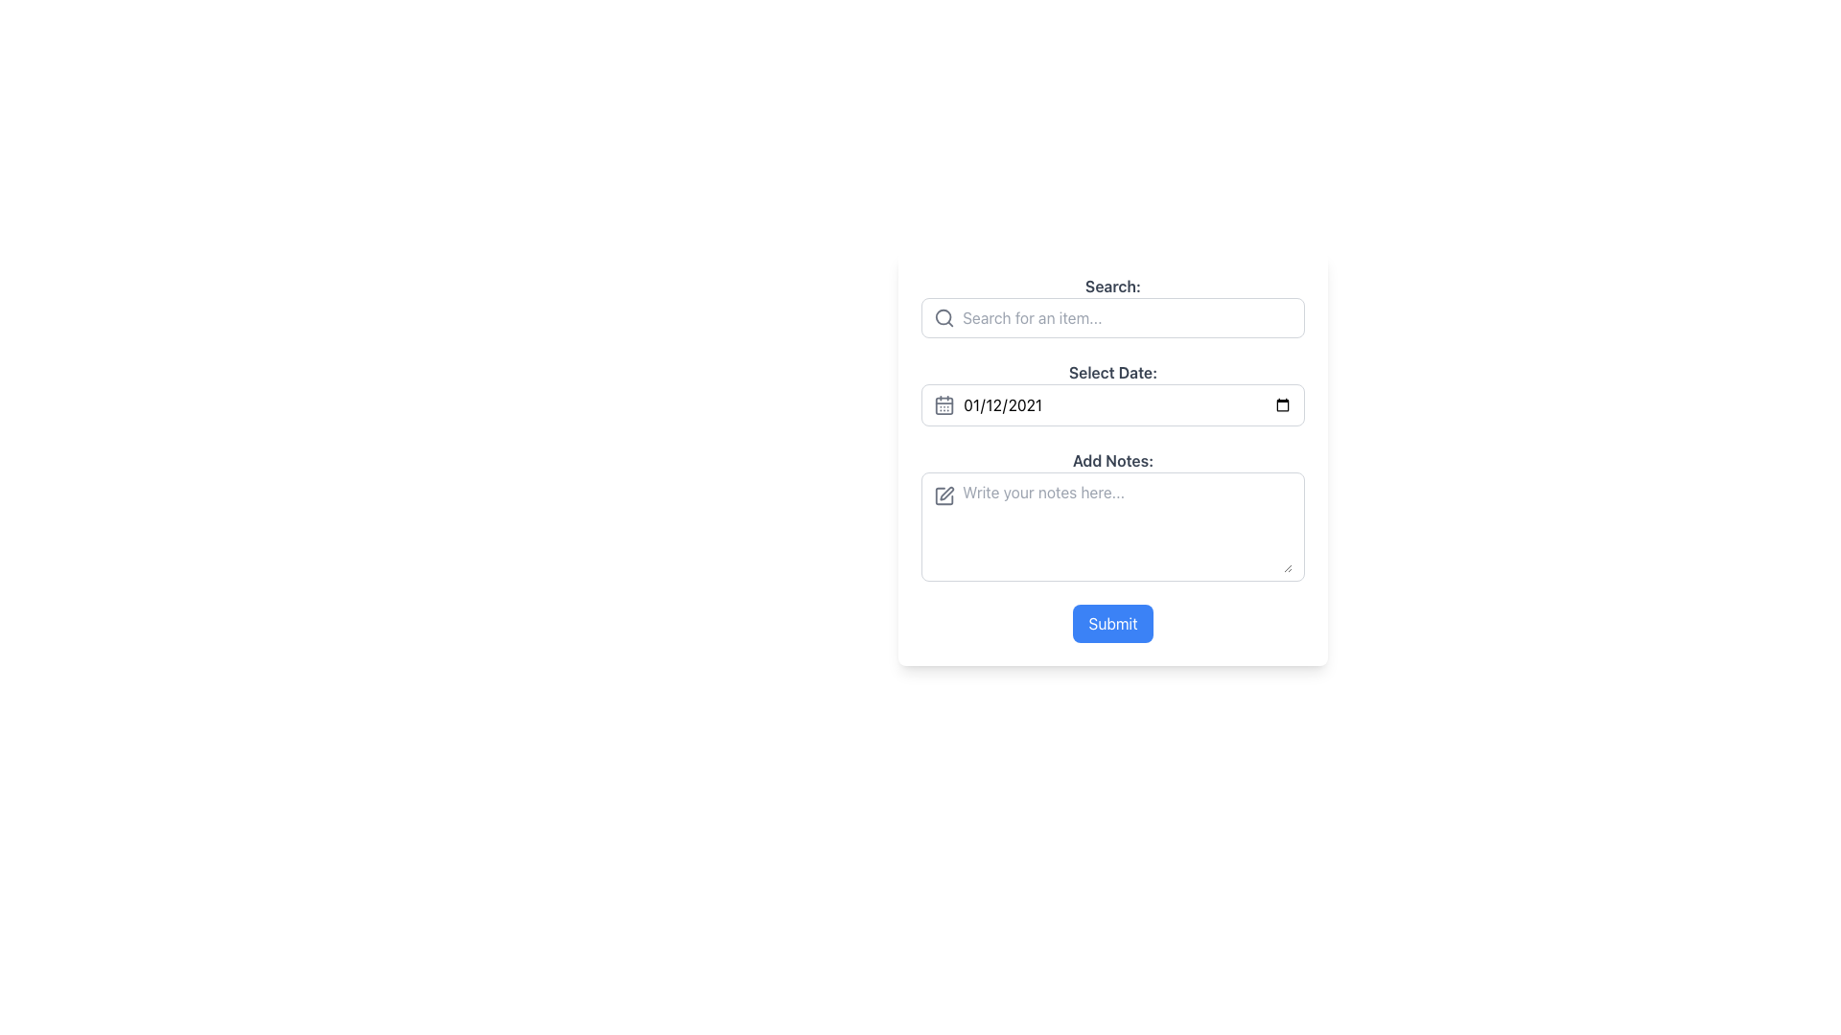  What do you see at coordinates (1113, 404) in the screenshot?
I see `the date picker input field to focus on it, allowing for date selection` at bounding box center [1113, 404].